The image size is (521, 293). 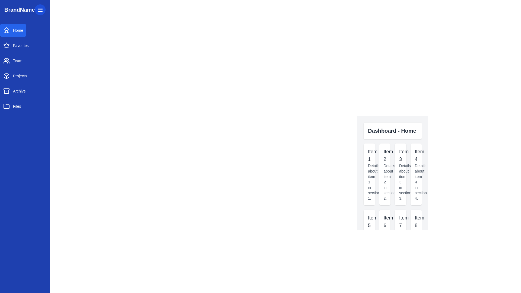 What do you see at coordinates (40, 9) in the screenshot?
I see `the Menu icon button, which is represented by a hamburger menu icon with a blue background and white lines, located in the upper section of the left sidebar near 'BrandName'` at bounding box center [40, 9].